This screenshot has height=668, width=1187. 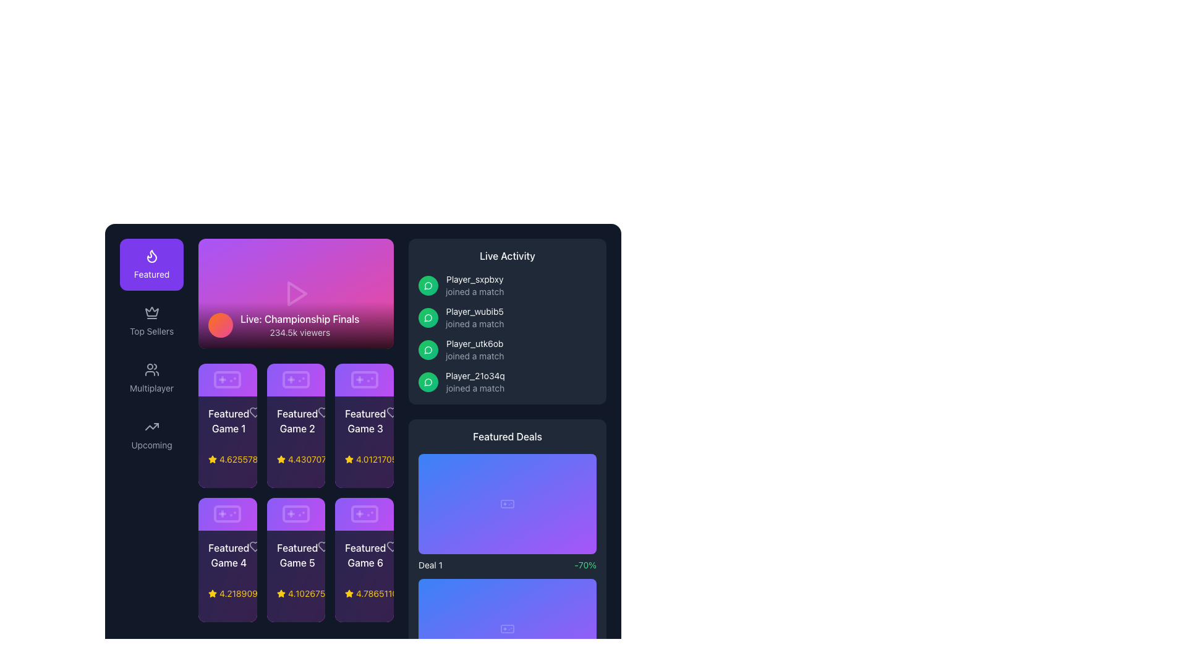 What do you see at coordinates (428, 381) in the screenshot?
I see `the decorative icon indicating activity, located to the left of the text message 'Player_21o34q joined a match'` at bounding box center [428, 381].